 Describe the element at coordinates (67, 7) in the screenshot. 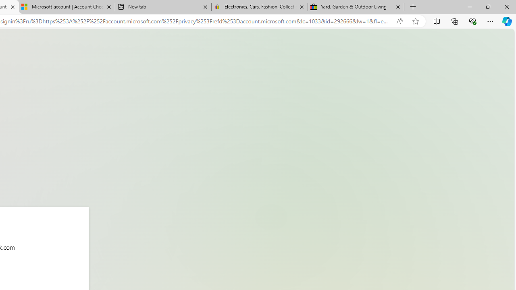

I see `'Microsoft account | Account Checkup'` at that location.